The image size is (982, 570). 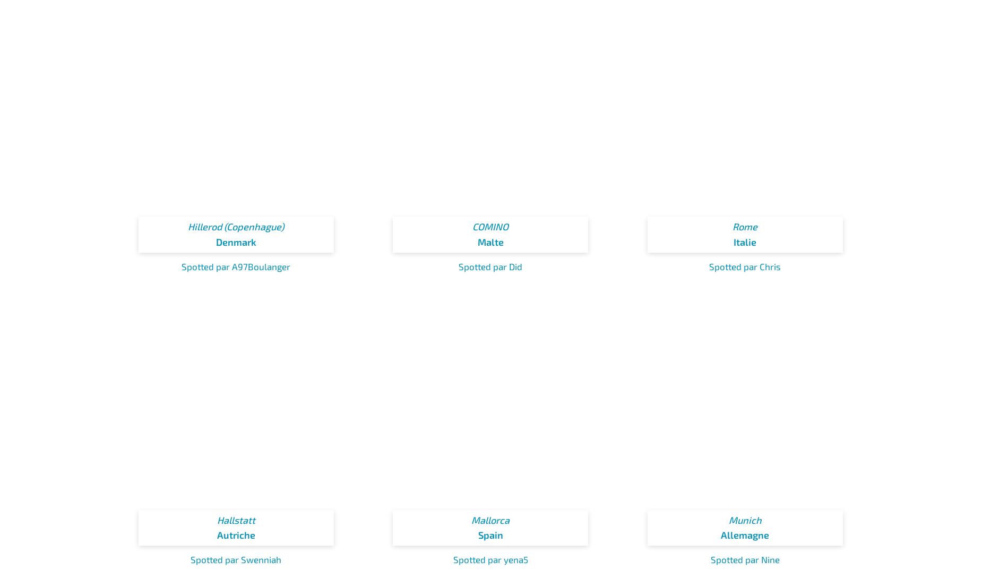 I want to click on 'Allemagne', so click(x=745, y=534).